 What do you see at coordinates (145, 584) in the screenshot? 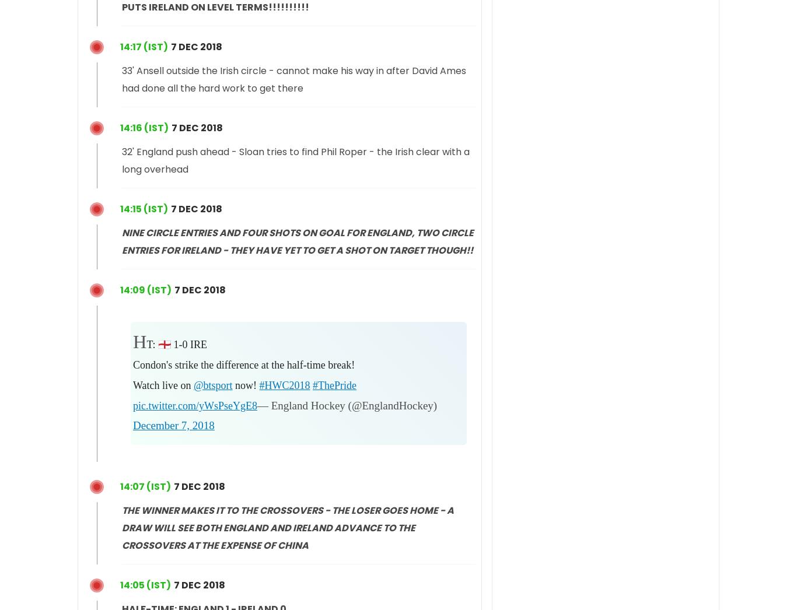
I see `'14:05 (IST)'` at bounding box center [145, 584].